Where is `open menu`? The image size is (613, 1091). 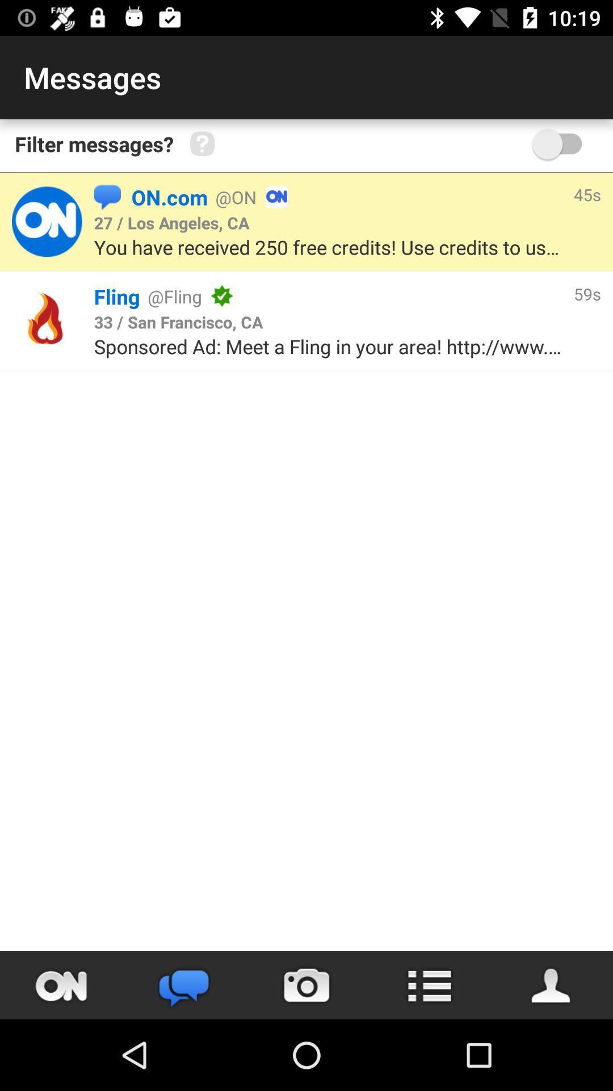 open menu is located at coordinates (429, 985).